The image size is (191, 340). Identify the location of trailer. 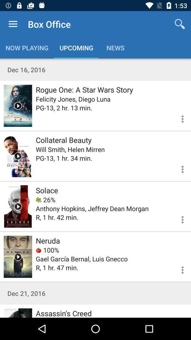
(18, 256).